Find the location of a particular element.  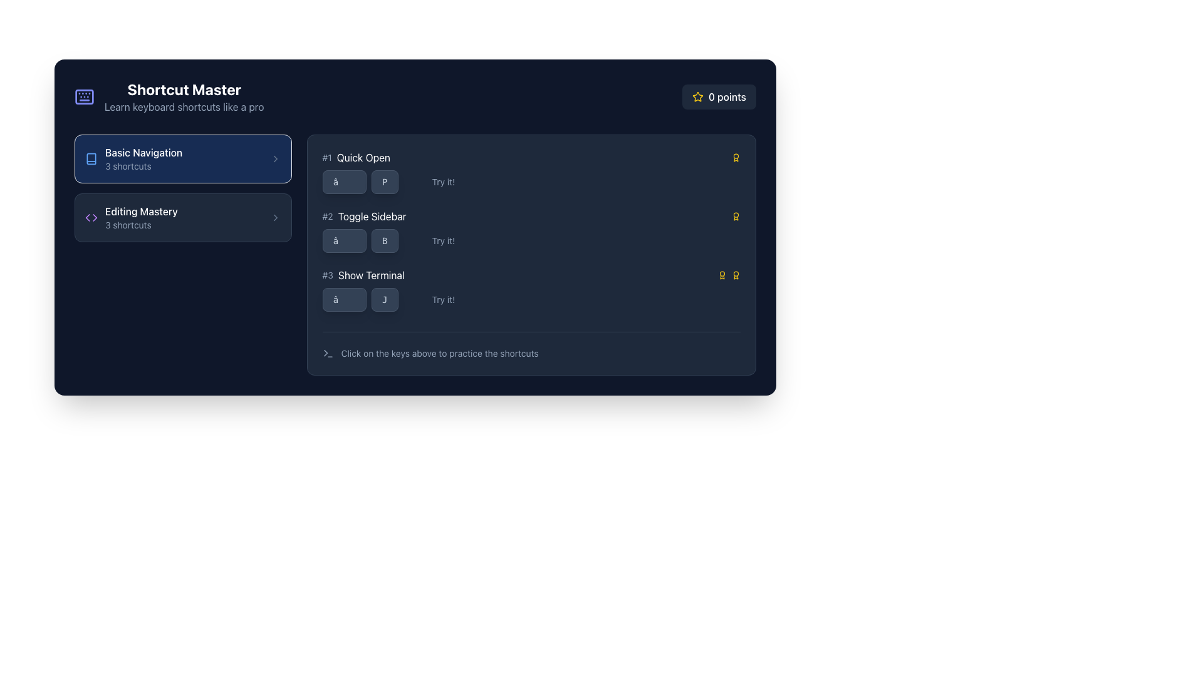

the second row in the list of items, which provides interactive elements to toggle the sidebar, positioned between '#1 Quick Open' and '#3 Show Terminal' is located at coordinates (531, 231).